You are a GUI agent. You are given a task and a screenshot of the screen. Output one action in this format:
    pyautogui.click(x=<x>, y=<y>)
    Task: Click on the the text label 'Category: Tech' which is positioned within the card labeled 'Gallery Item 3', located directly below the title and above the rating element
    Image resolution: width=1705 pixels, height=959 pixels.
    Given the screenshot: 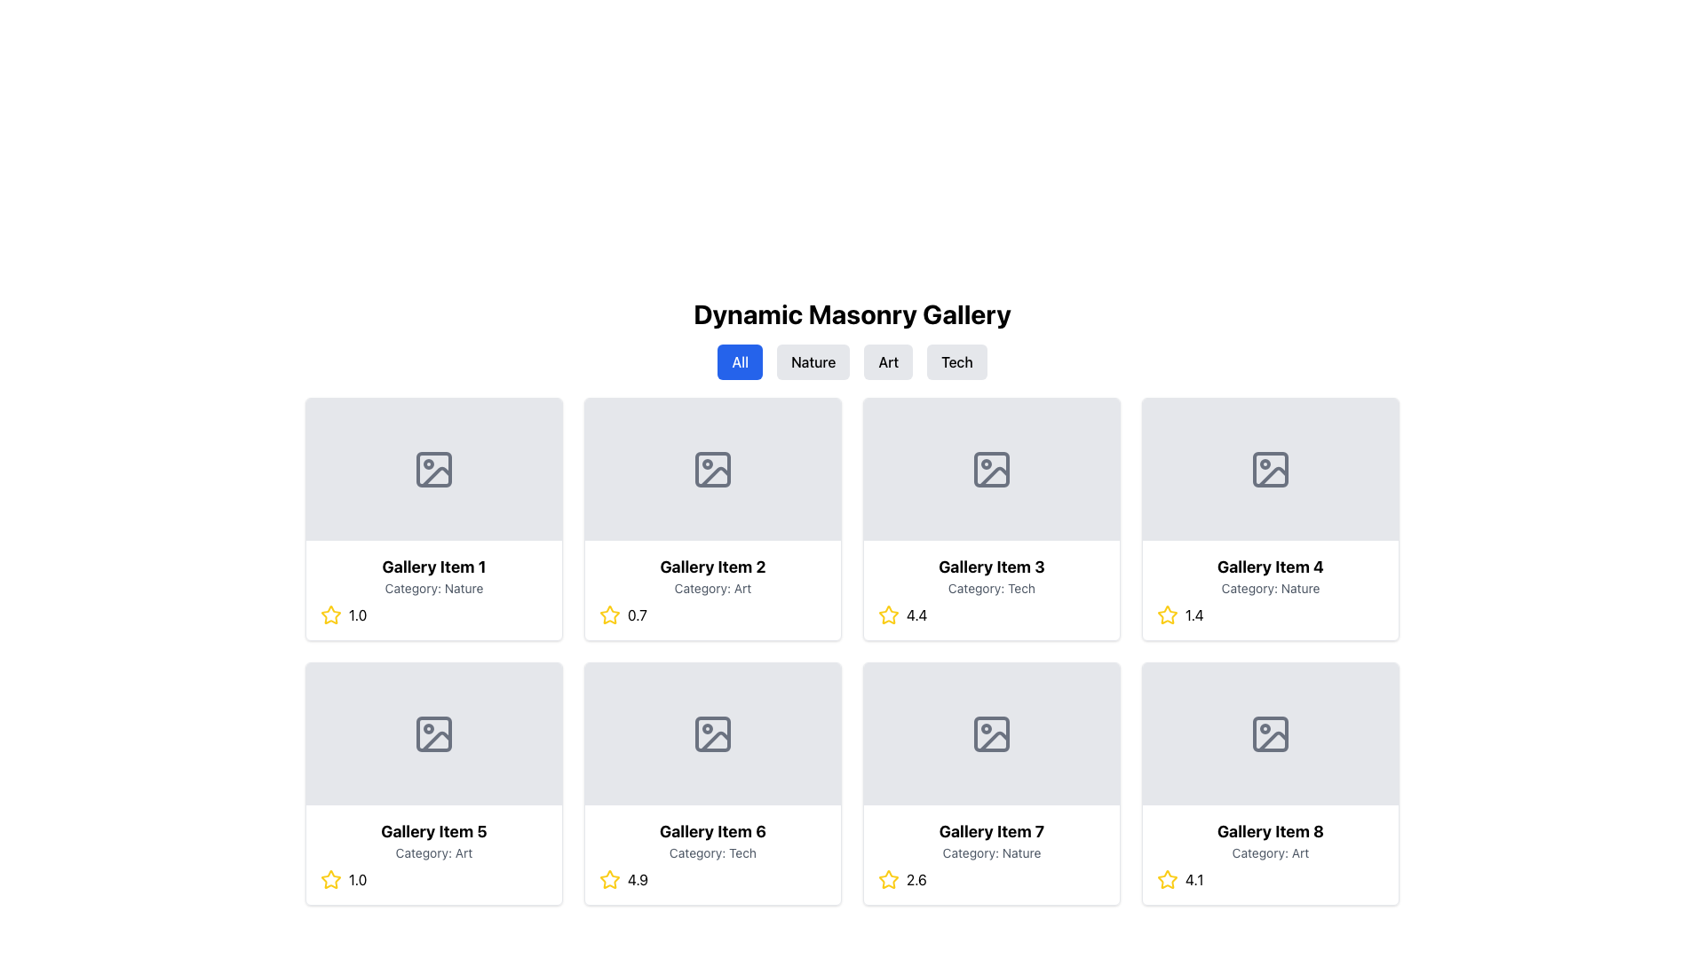 What is the action you would take?
    pyautogui.click(x=991, y=589)
    